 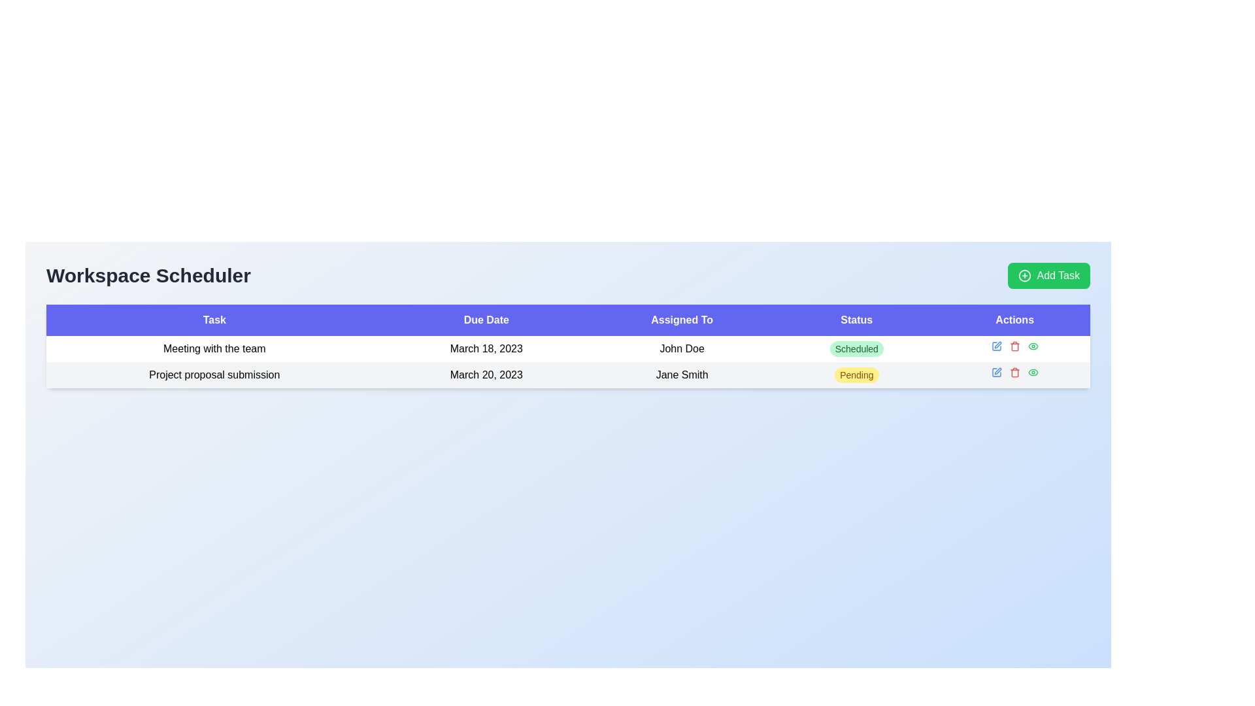 What do you see at coordinates (1024, 275) in the screenshot?
I see `the icon located on the left side of the 'Add Task' button, which symbolizes the action to add a new task` at bounding box center [1024, 275].